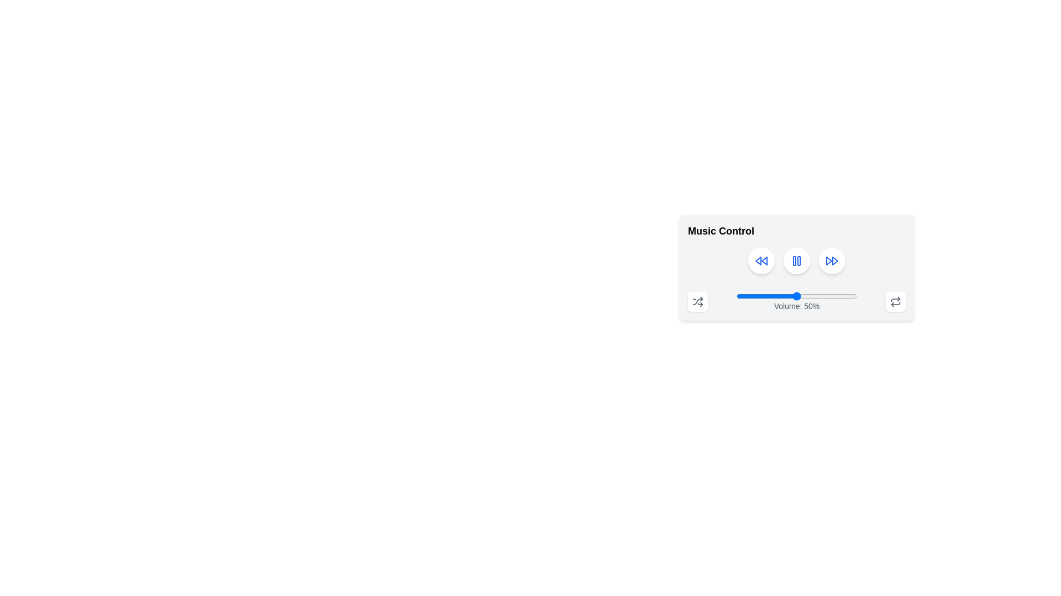 This screenshot has height=596, width=1061. What do you see at coordinates (835, 261) in the screenshot?
I see `the triangular-shaped blue graphical icon component that represents the right arrowhead of the 'skip forward' button in the Music Control panel` at bounding box center [835, 261].